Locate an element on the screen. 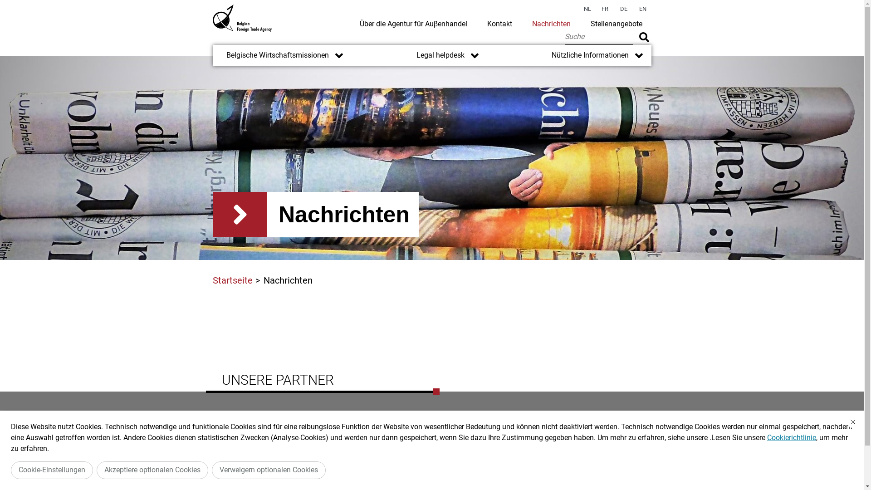  'Apply' is located at coordinates (644, 36).